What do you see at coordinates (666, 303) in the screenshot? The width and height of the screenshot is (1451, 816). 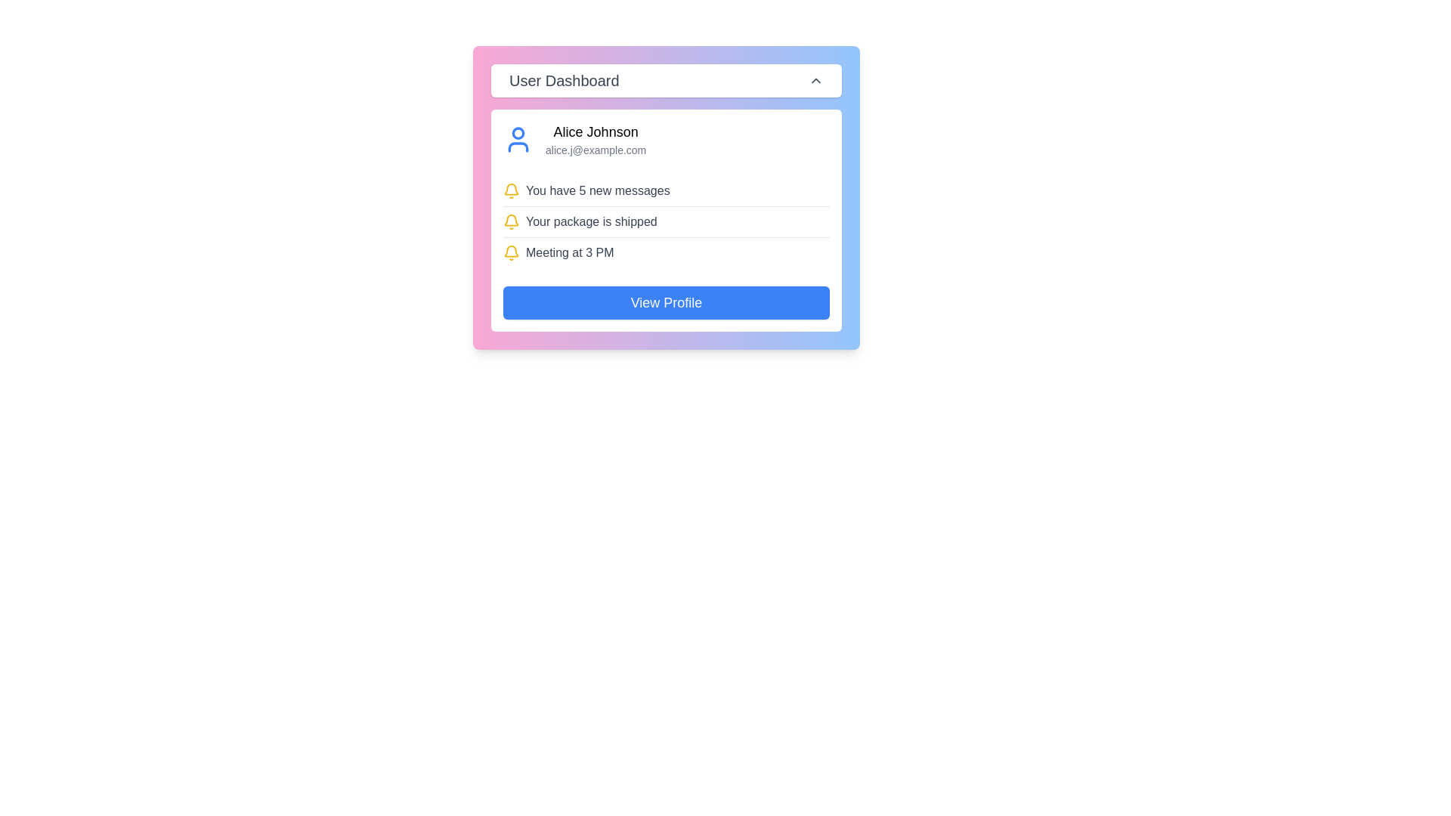 I see `the 'View Profile' button to proceed to the profile section` at bounding box center [666, 303].